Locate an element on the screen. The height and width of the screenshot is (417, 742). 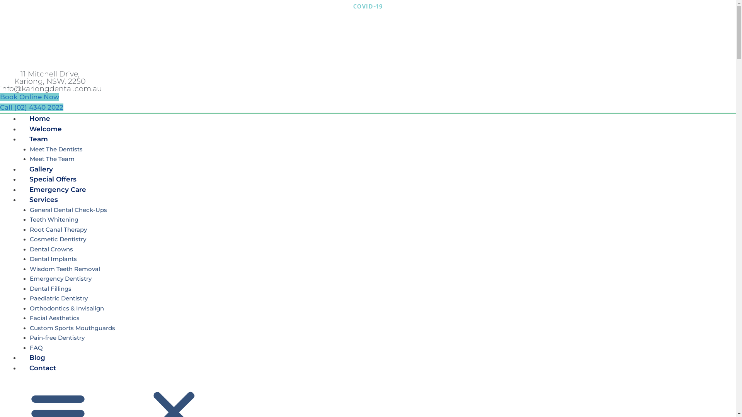
'Home' is located at coordinates (39, 119).